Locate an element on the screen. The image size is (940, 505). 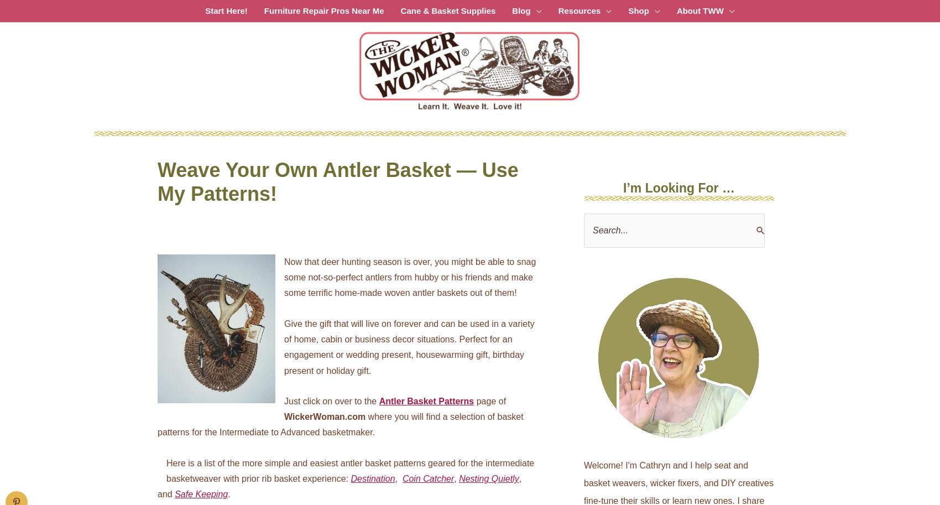
'Here is a list of the more simple and easiest antler basket patterns geared for the intermediate basketweaver with prior rib basket experience:' is located at coordinates (166, 471).